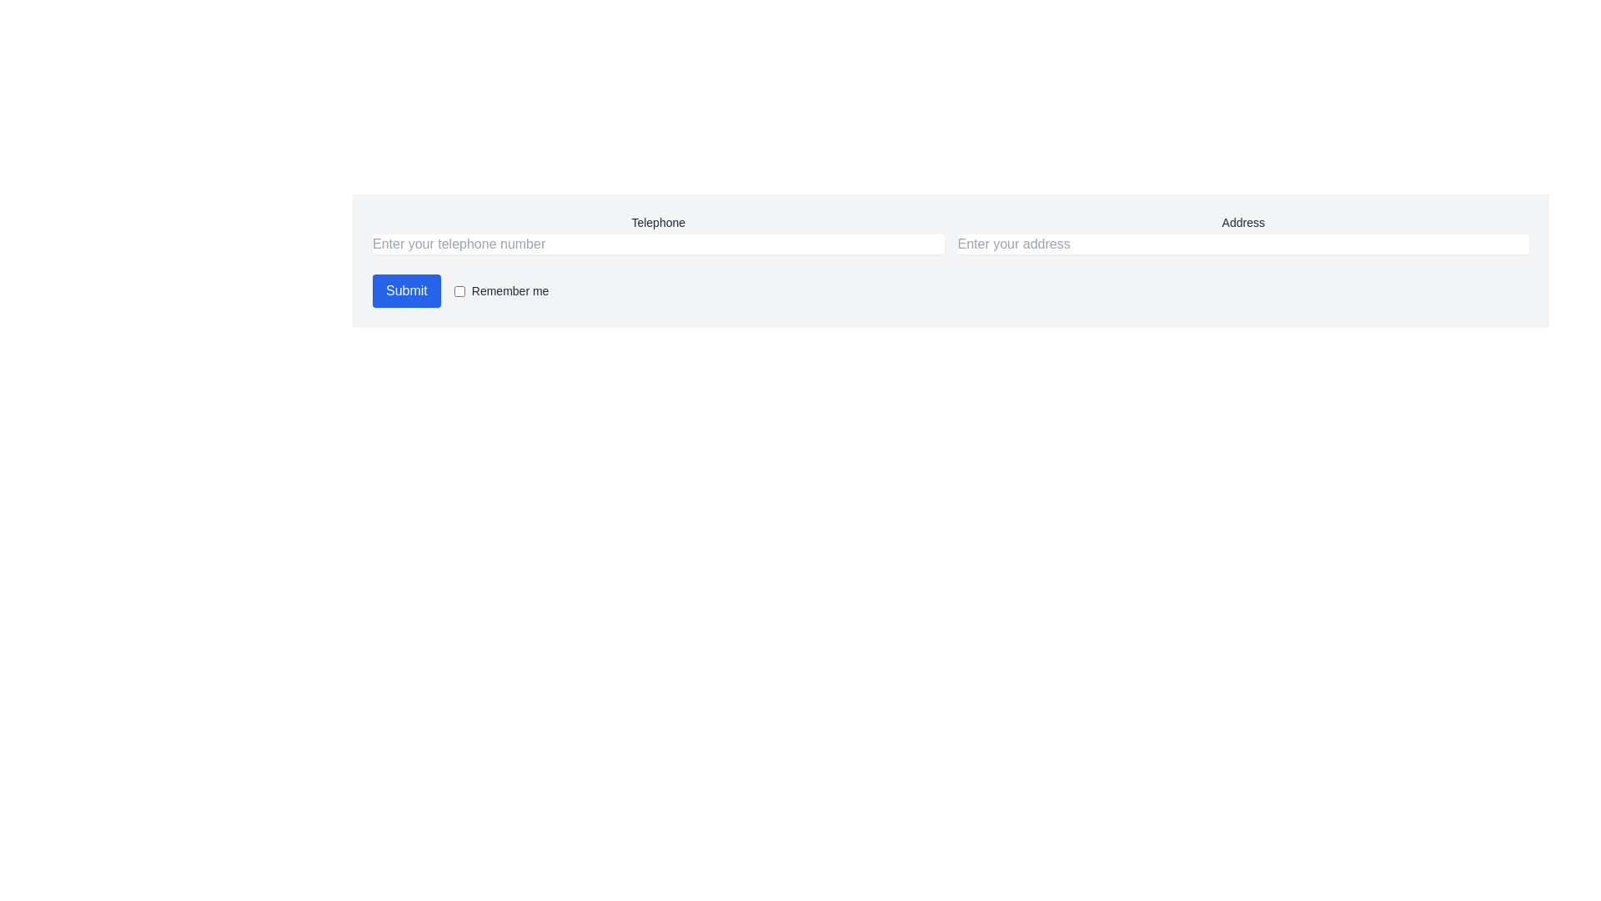 The image size is (1601, 901). I want to click on the submission button located at the bottom-left of a horizontal group, to the left of the 'Remember me' checkbox, so click(406, 289).